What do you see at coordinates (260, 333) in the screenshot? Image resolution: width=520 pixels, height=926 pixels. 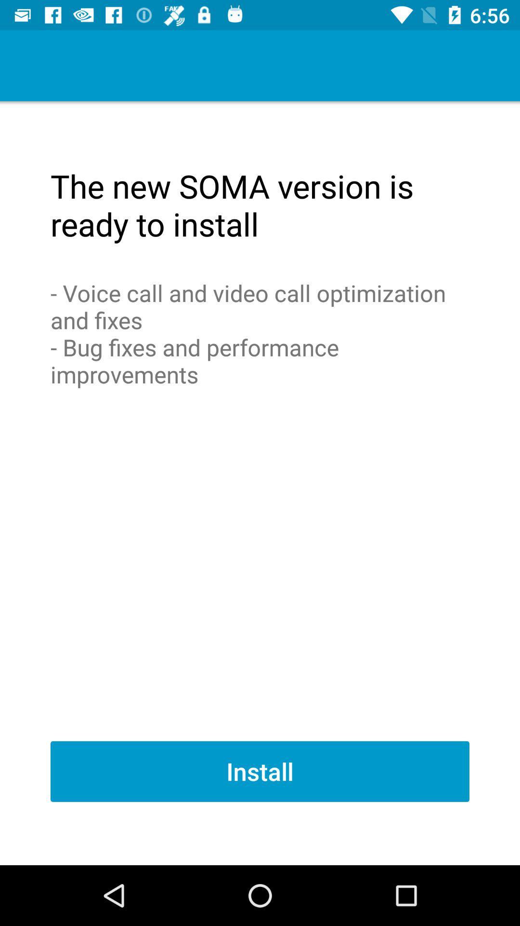 I see `item below the the new soma` at bounding box center [260, 333].